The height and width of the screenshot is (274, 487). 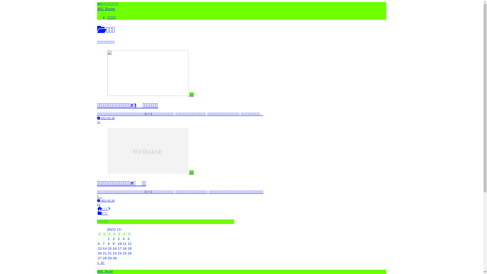 I want to click on '40G Room', so click(x=106, y=9).